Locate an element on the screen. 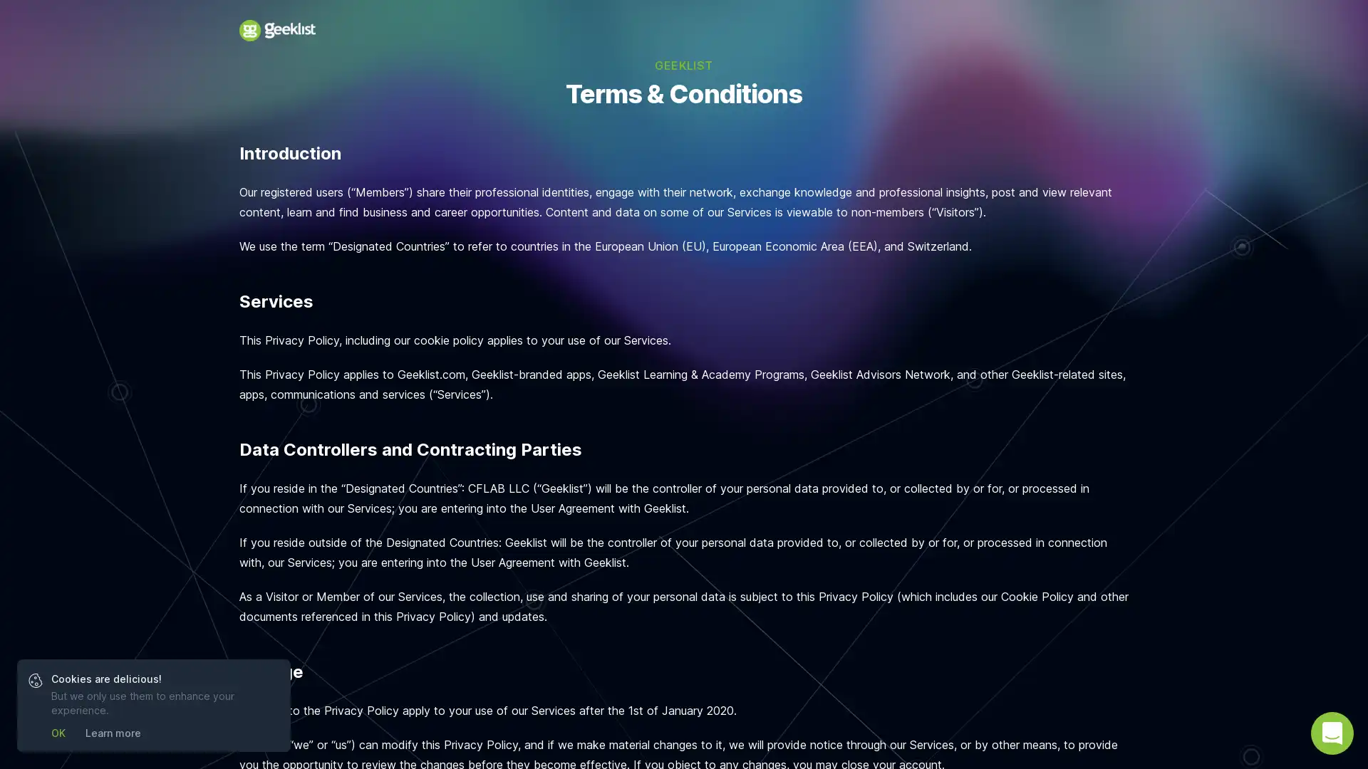  Open Intercom Messenger is located at coordinates (1332, 733).